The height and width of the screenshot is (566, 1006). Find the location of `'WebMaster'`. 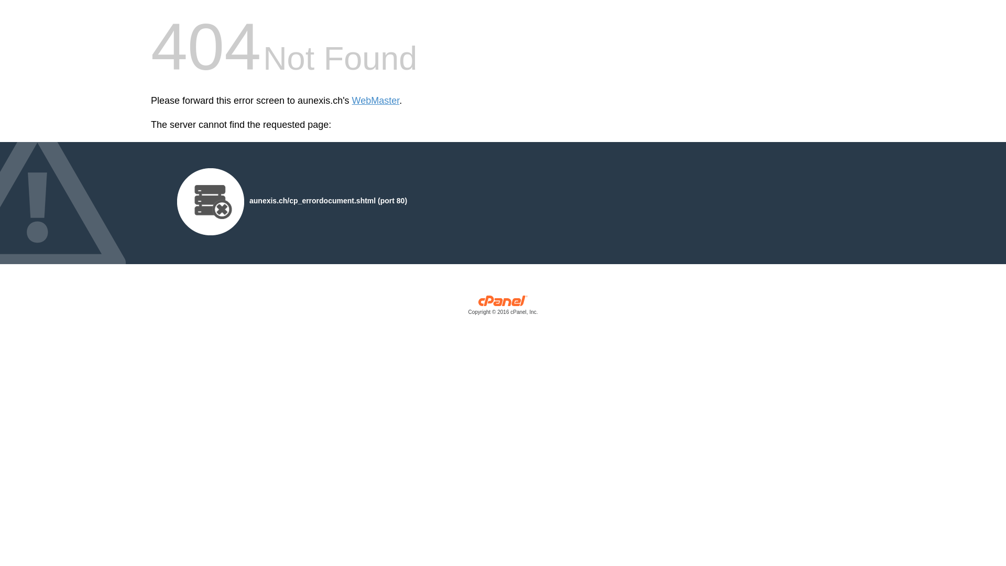

'WebMaster' is located at coordinates (376, 101).